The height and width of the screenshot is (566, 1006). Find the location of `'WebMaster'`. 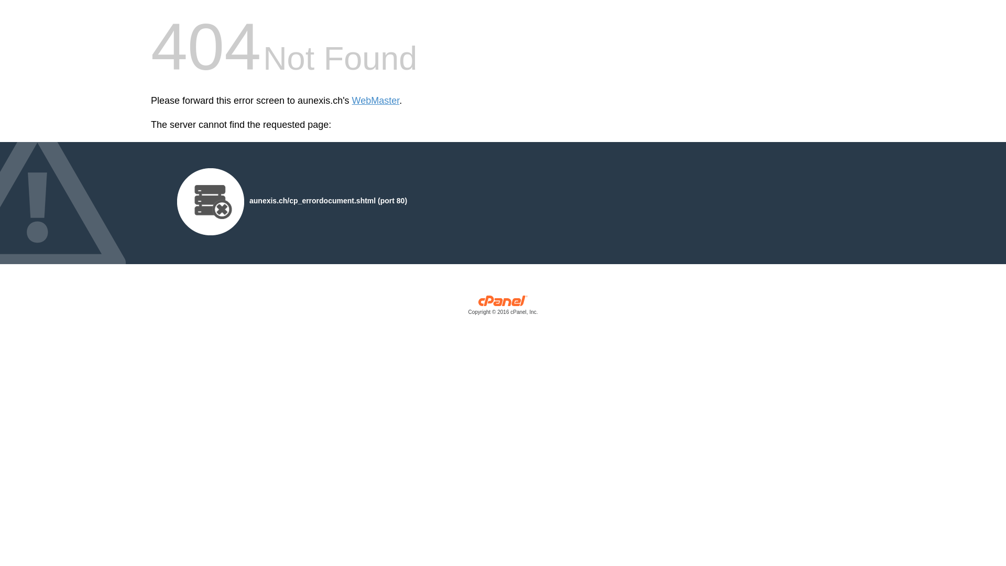

'WebMaster' is located at coordinates (376, 101).